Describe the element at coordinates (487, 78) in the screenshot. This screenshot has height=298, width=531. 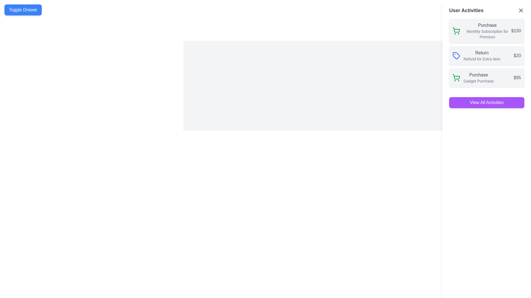
I see `purchase details from the third Card UI component in the 'User Activities' section, which displays 'Gadget Purchase' and '$95'` at that location.